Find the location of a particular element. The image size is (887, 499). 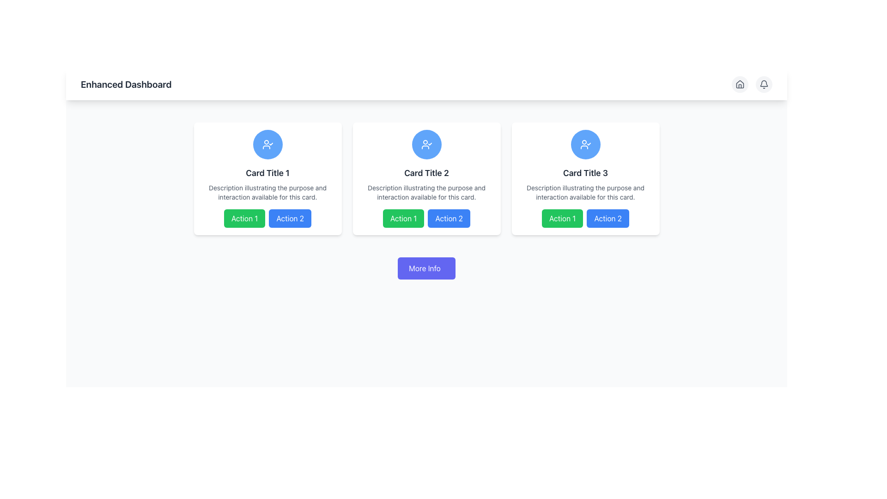

the 'Action 1' button, a rectangular button with a green background and white text is located at coordinates (244, 219).